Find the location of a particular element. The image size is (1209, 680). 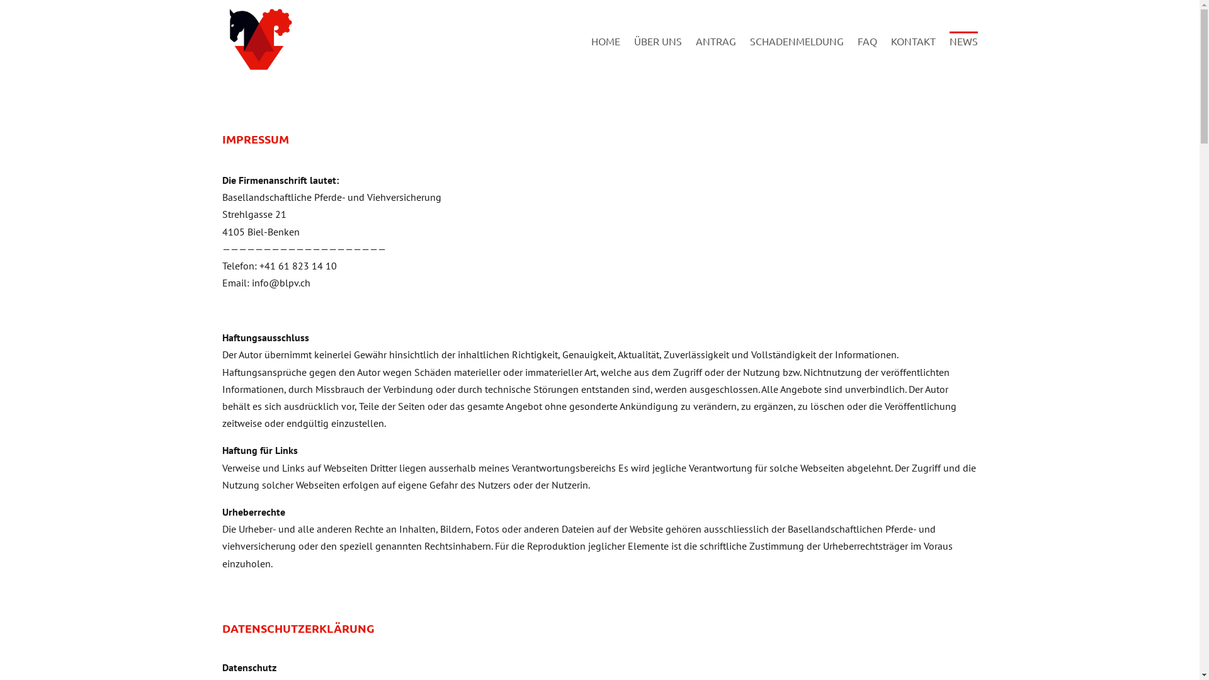

'FAQ' is located at coordinates (866, 55).